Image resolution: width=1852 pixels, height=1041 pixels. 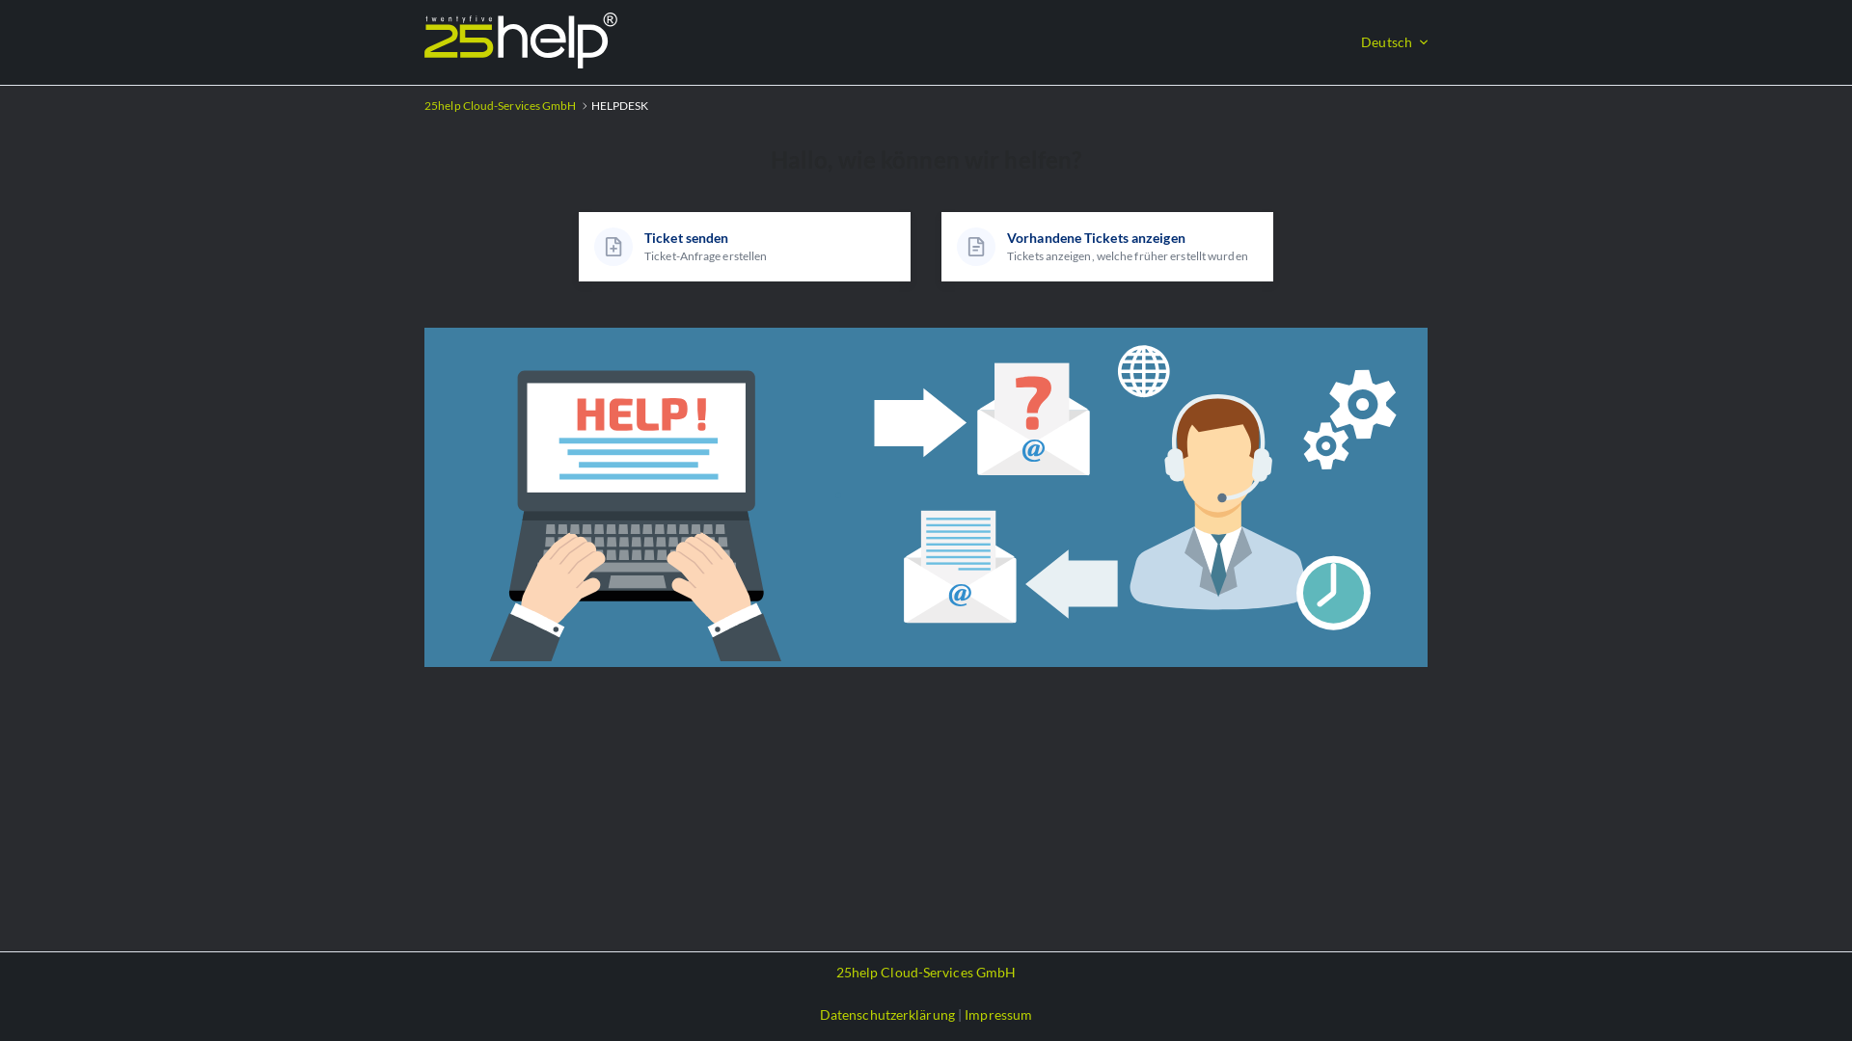 What do you see at coordinates (500, 106) in the screenshot?
I see `'25help Cloud-Services GmbH'` at bounding box center [500, 106].